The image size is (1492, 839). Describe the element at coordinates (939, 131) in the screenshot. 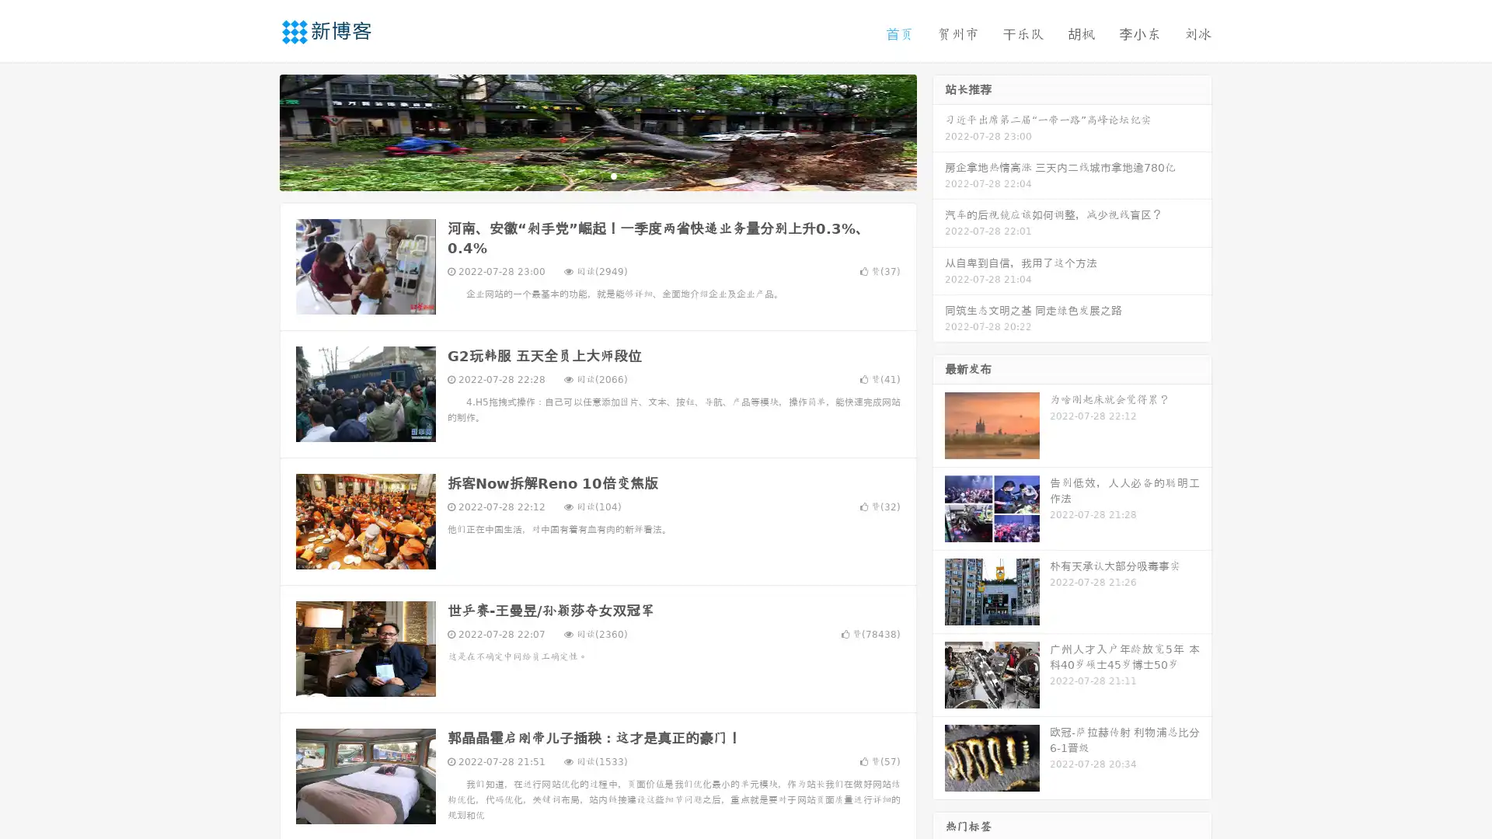

I see `Next slide` at that location.